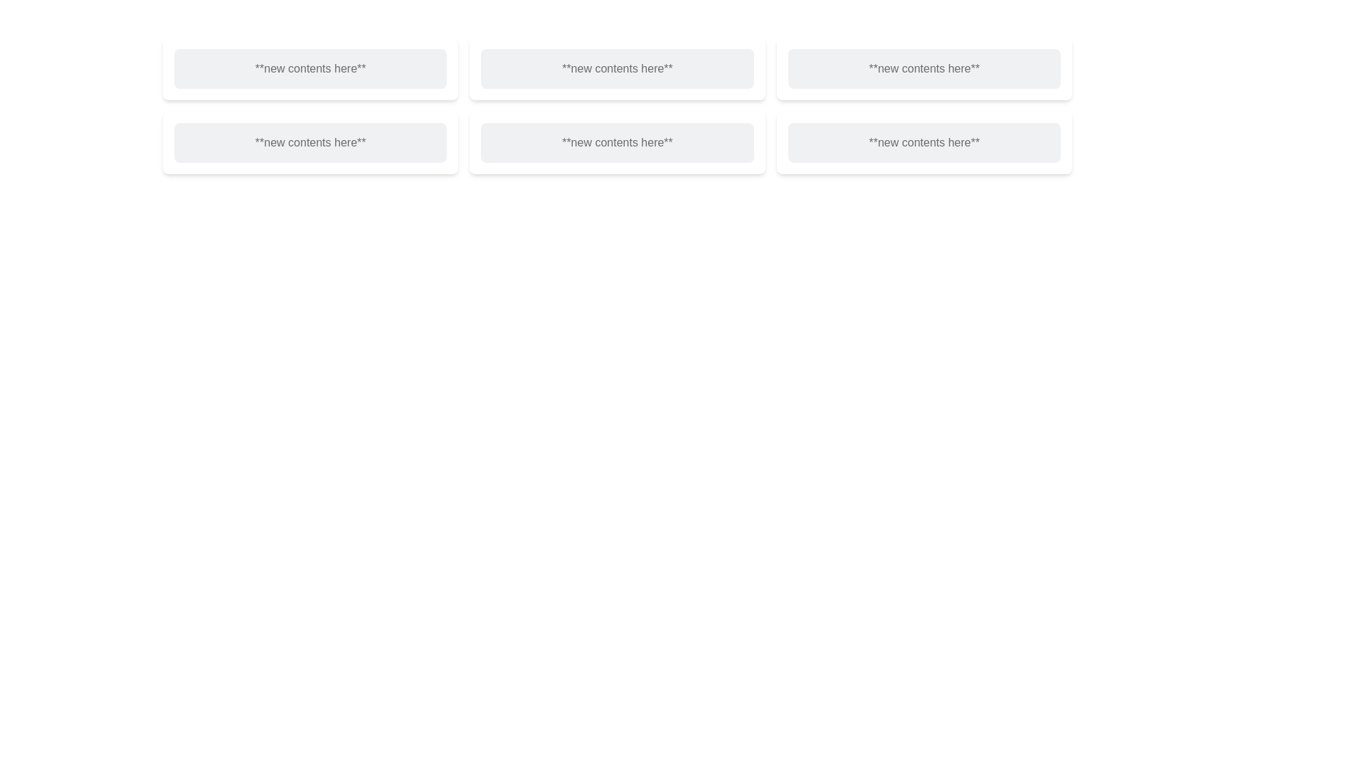  I want to click on the white card with the text 'new contents here' that is located in the second row, first column of the grid layout, so click(309, 142).